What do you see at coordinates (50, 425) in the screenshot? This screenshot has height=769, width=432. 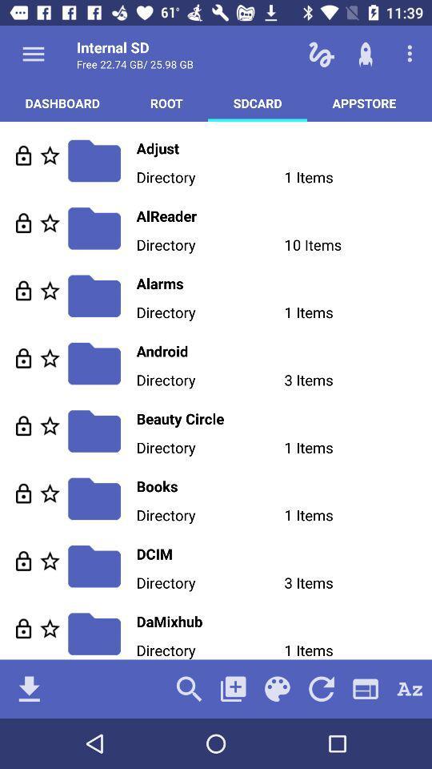 I see `favourite` at bounding box center [50, 425].